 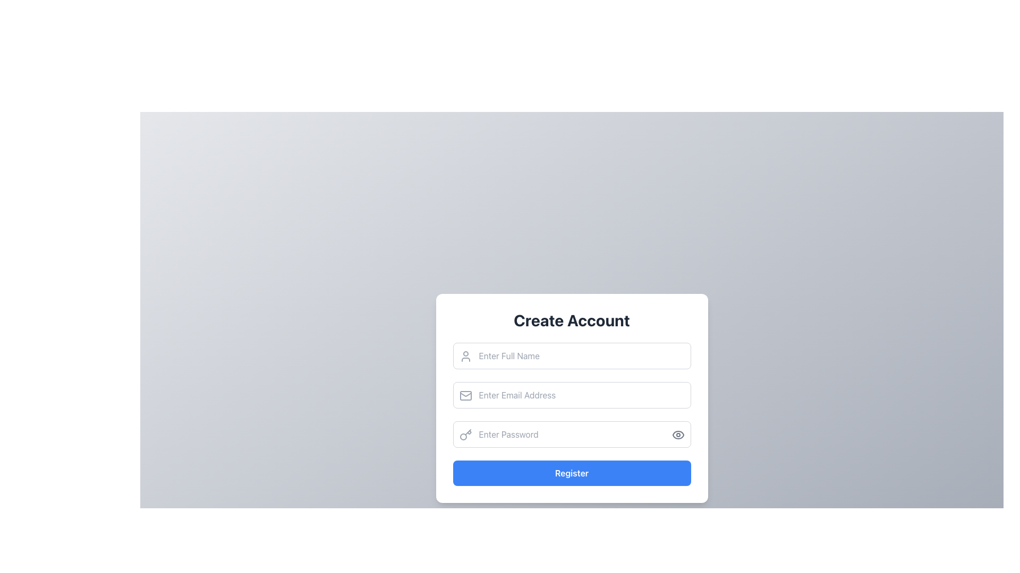 I want to click on the decorative triangle flap of the envelope icon located to the left of the 'Enter Email Address' input field, so click(x=465, y=395).